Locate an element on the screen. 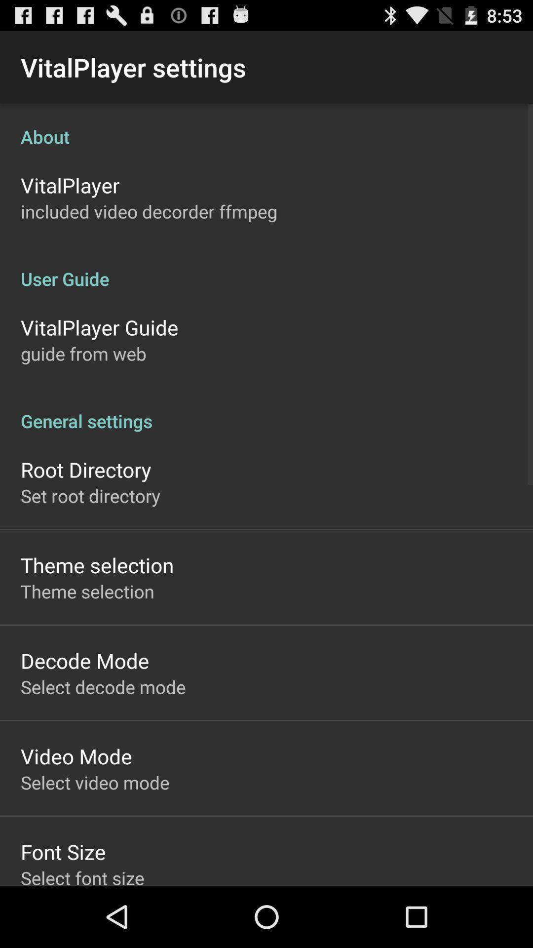  the item above vitalplayer guide app is located at coordinates (266, 268).